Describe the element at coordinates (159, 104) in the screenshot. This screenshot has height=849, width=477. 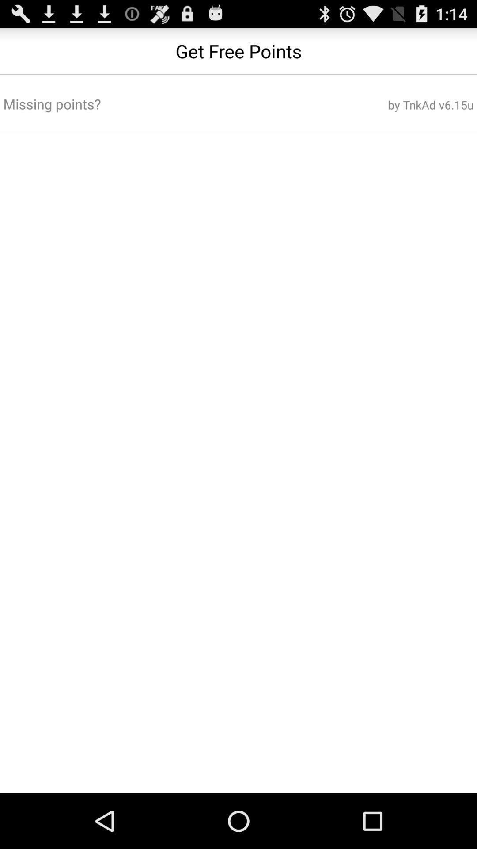
I see `the item to the left of the by tnkad v6 item` at that location.